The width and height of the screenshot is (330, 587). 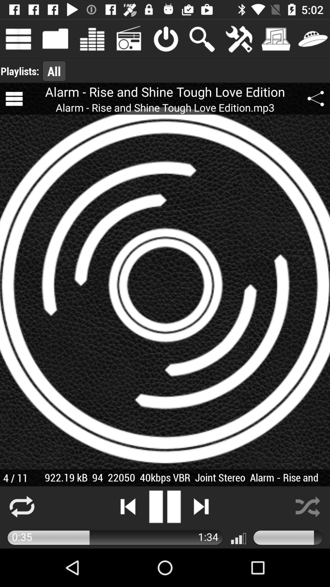 What do you see at coordinates (14, 99) in the screenshot?
I see `icon next to the alarm rise and item` at bounding box center [14, 99].